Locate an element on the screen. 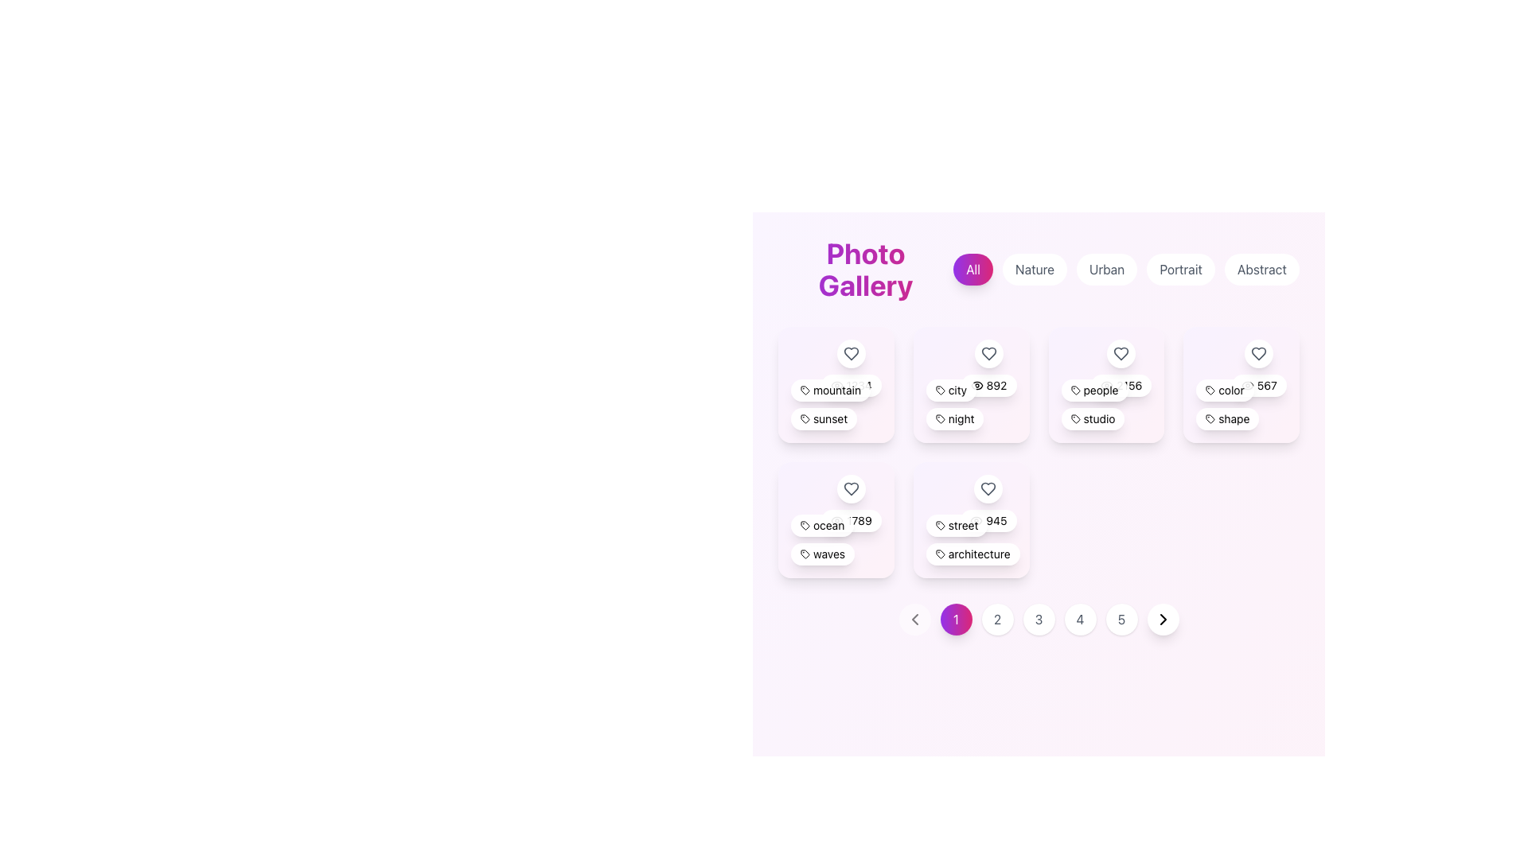  the rounded button with a heart icon outlined in gray located in the top-right section of the card titled 'mountain' to like the item is located at coordinates (850, 367).